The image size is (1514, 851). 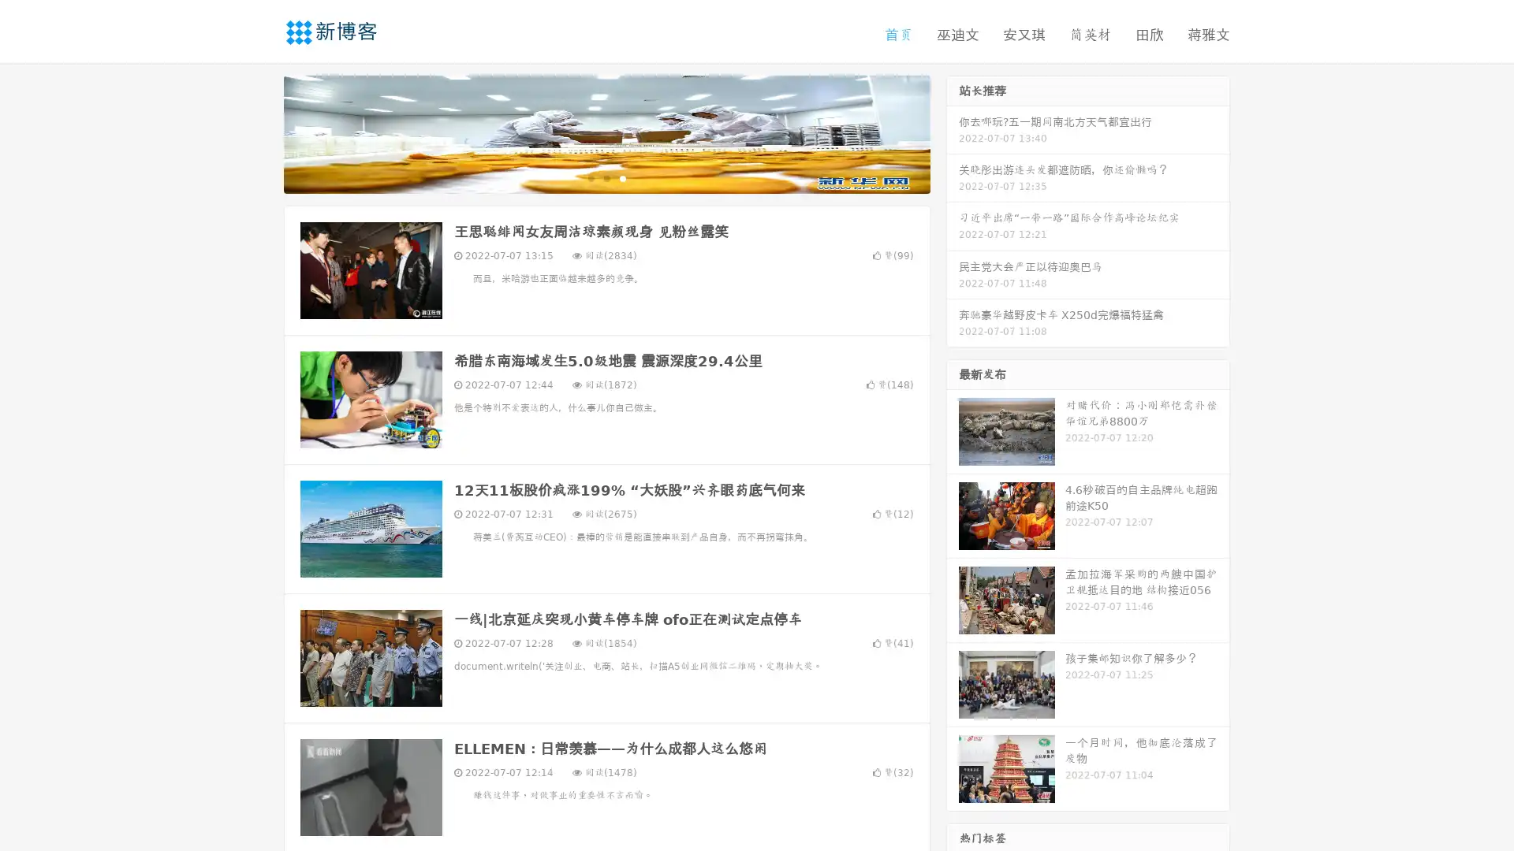 What do you see at coordinates (260, 132) in the screenshot?
I see `Previous slide` at bounding box center [260, 132].